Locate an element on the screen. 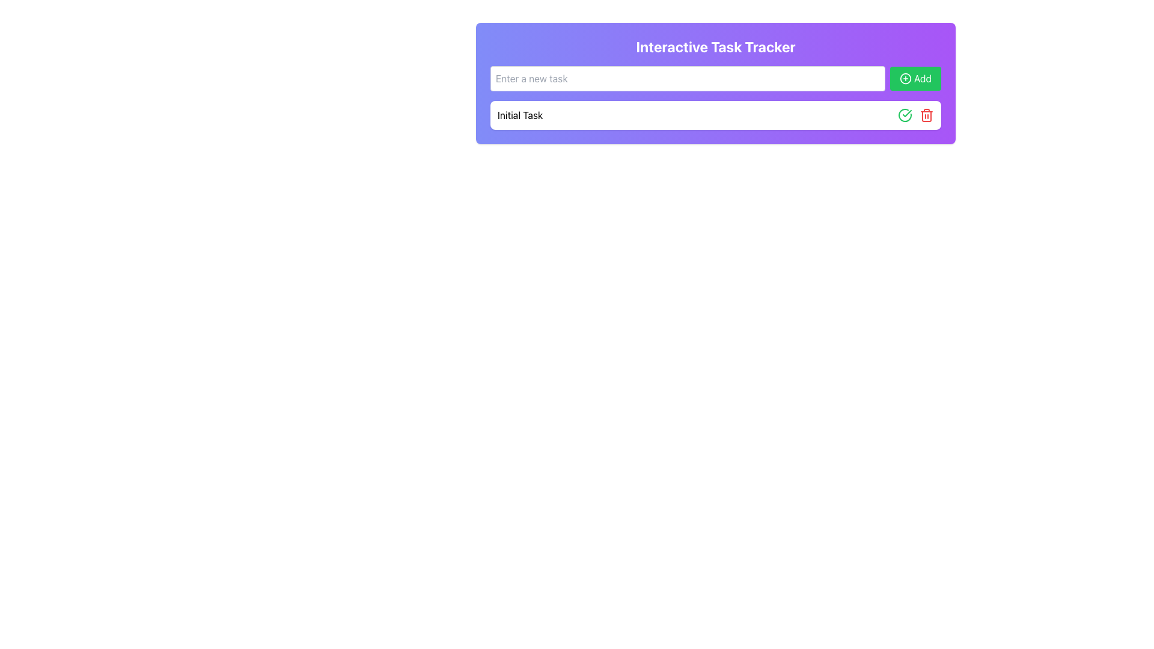 This screenshot has width=1154, height=649. the green circular button with a checkmark inside, located in the top-right corner of the 'Initial Task' row, to mark the task as complete is located at coordinates (905, 115).